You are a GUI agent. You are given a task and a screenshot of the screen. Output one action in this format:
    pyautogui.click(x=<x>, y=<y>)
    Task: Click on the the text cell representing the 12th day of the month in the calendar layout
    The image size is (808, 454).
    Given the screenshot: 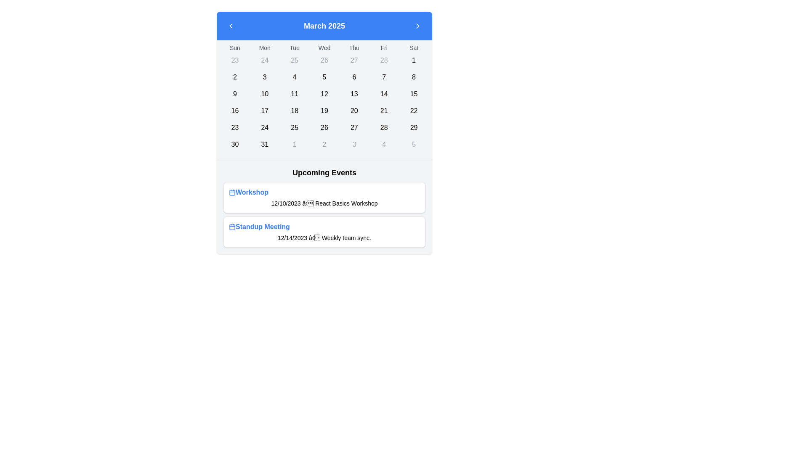 What is the action you would take?
    pyautogui.click(x=324, y=94)
    